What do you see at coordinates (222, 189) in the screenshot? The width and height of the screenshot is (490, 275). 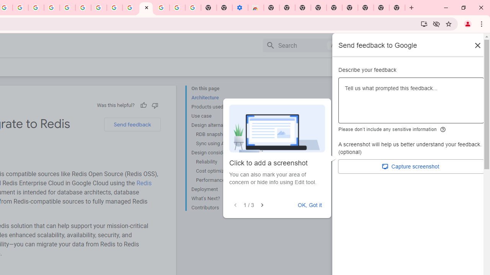 I see `'Deployment'` at bounding box center [222, 189].